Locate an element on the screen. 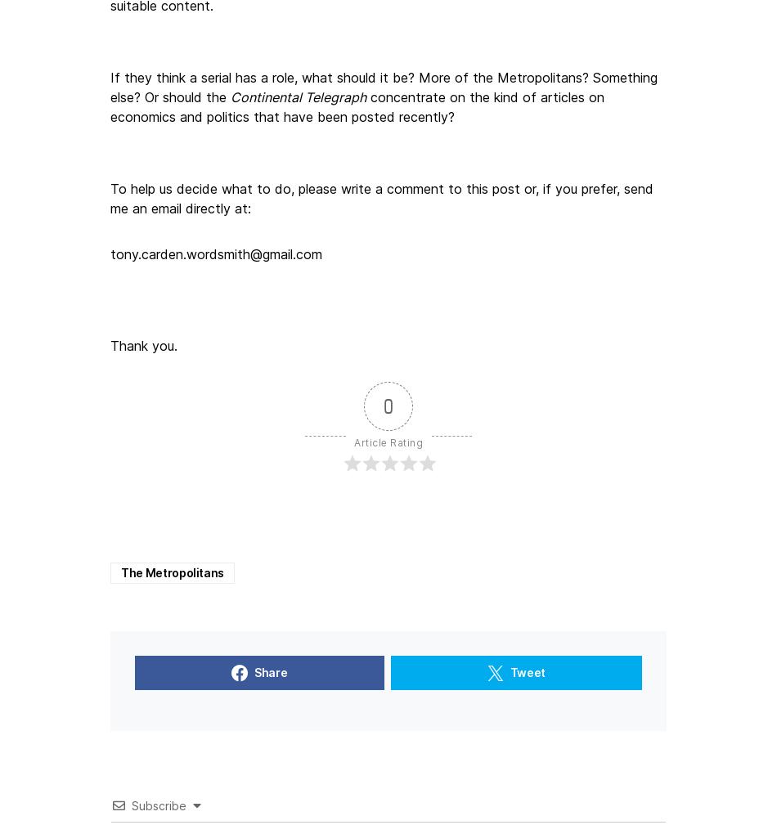  'Article Rating' is located at coordinates (353, 442).